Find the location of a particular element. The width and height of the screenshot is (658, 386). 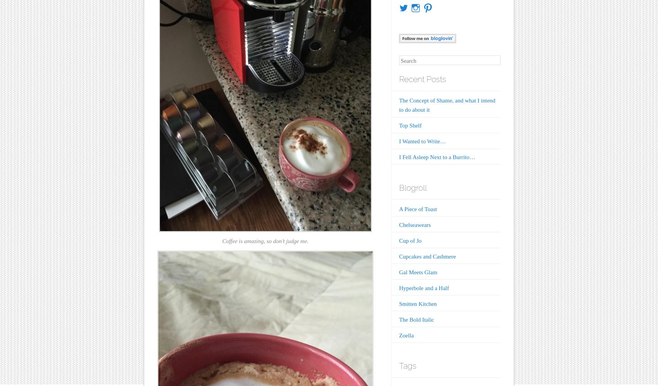

'Top Shelf' is located at coordinates (410, 125).